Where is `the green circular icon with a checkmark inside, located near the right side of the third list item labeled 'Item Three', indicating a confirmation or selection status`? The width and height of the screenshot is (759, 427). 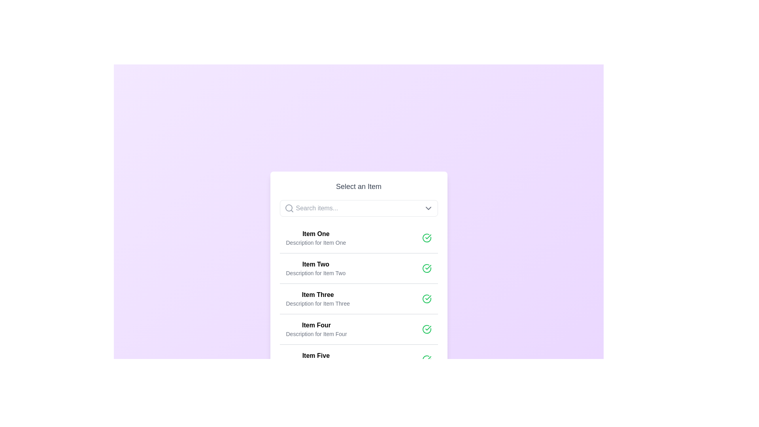 the green circular icon with a checkmark inside, located near the right side of the third list item labeled 'Item Three', indicating a confirmation or selection status is located at coordinates (426, 299).